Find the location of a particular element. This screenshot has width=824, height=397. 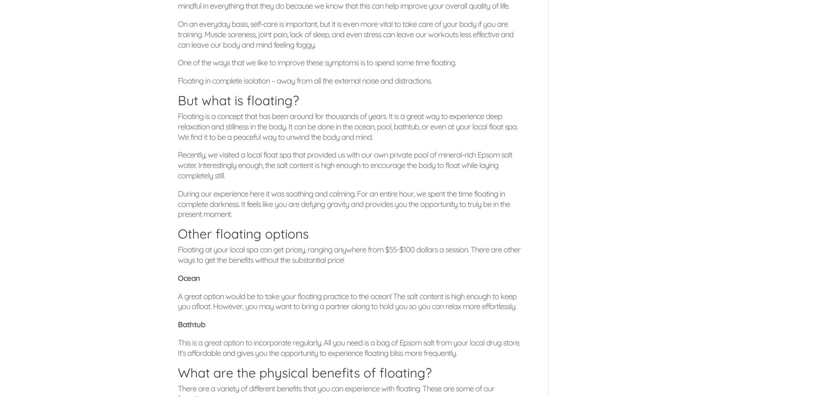

'On an everyday basis, self-care is important, but it is even more vital to take care of your body if you are training. Muscle soreness, joint pain, lack of sleep, and even stress can leave our workouts less effective and can leave our body and mind feeling foggy.' is located at coordinates (177, 34).